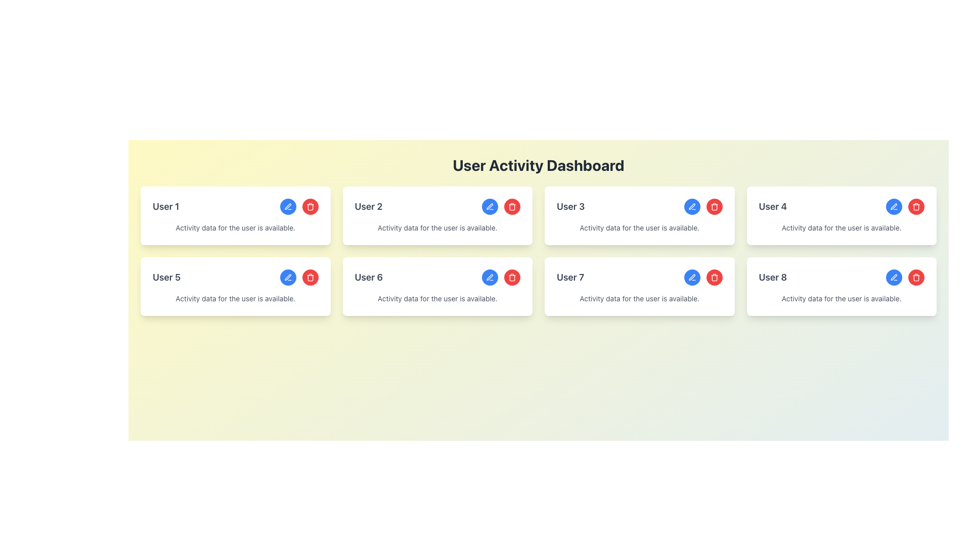  Describe the element at coordinates (368, 206) in the screenshot. I see `the text label displaying 'User 2' in bold dark gray font, located in the second card of a 4x2 grid layout, adjacent to the edit and delete buttons` at that location.